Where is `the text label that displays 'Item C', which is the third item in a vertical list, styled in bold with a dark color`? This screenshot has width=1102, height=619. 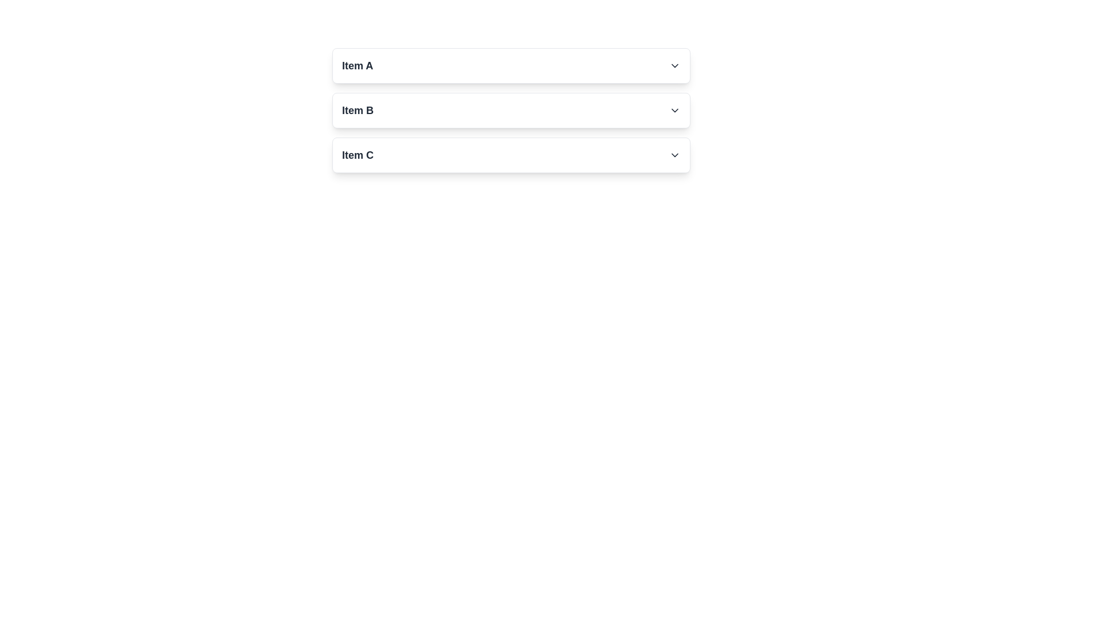
the text label that displays 'Item C', which is the third item in a vertical list, styled in bold with a dark color is located at coordinates (357, 155).